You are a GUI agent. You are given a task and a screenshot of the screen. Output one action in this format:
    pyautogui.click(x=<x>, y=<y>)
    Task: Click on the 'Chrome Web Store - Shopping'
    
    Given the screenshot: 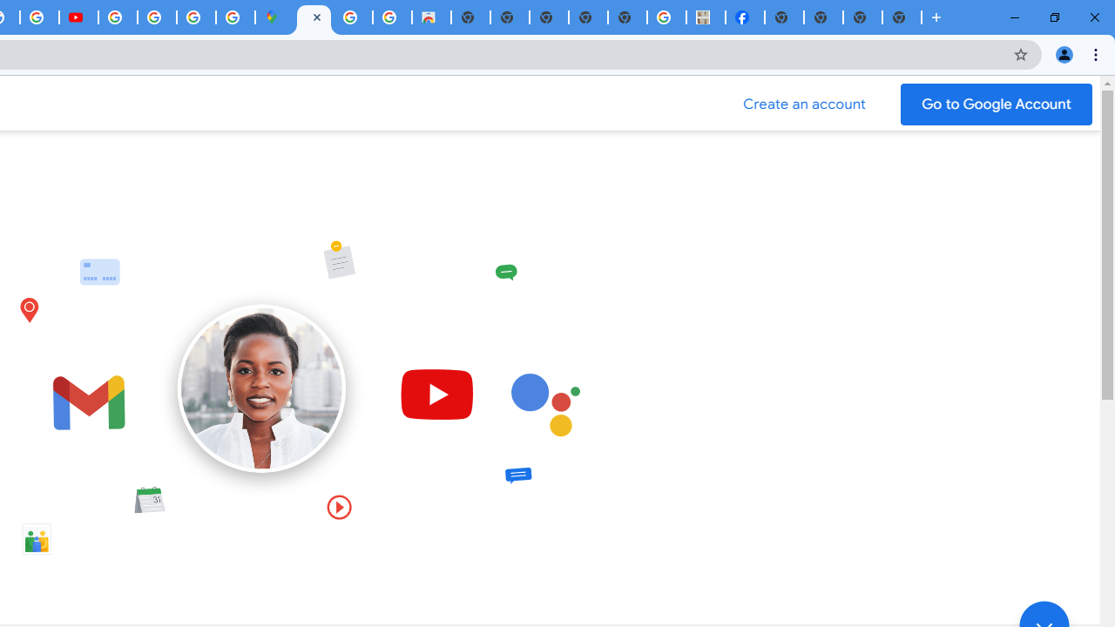 What is the action you would take?
    pyautogui.click(x=431, y=17)
    